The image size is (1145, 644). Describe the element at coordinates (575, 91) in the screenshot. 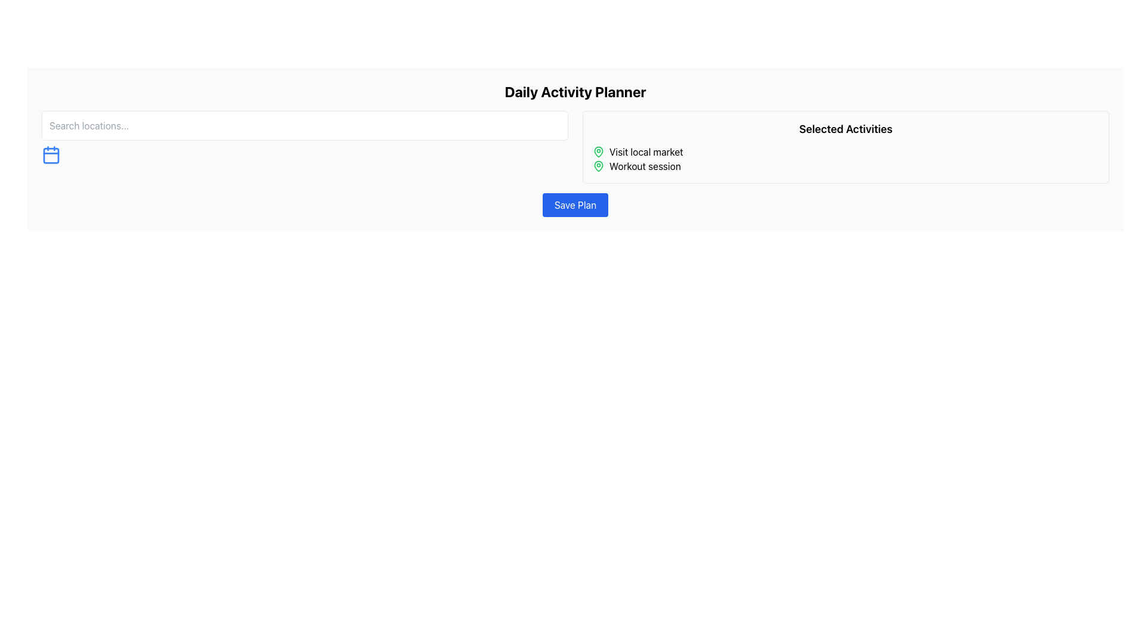

I see `the prominently displayed title 'Daily Activity Planner' at the top of the interface, which is styled with bold, large-sized, centered text` at that location.